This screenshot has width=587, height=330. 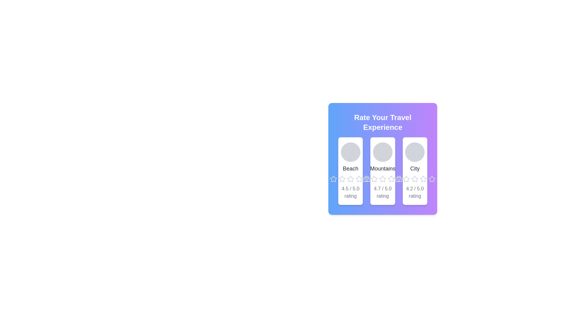 I want to click on over the second star in the rating interface, so click(x=341, y=179).